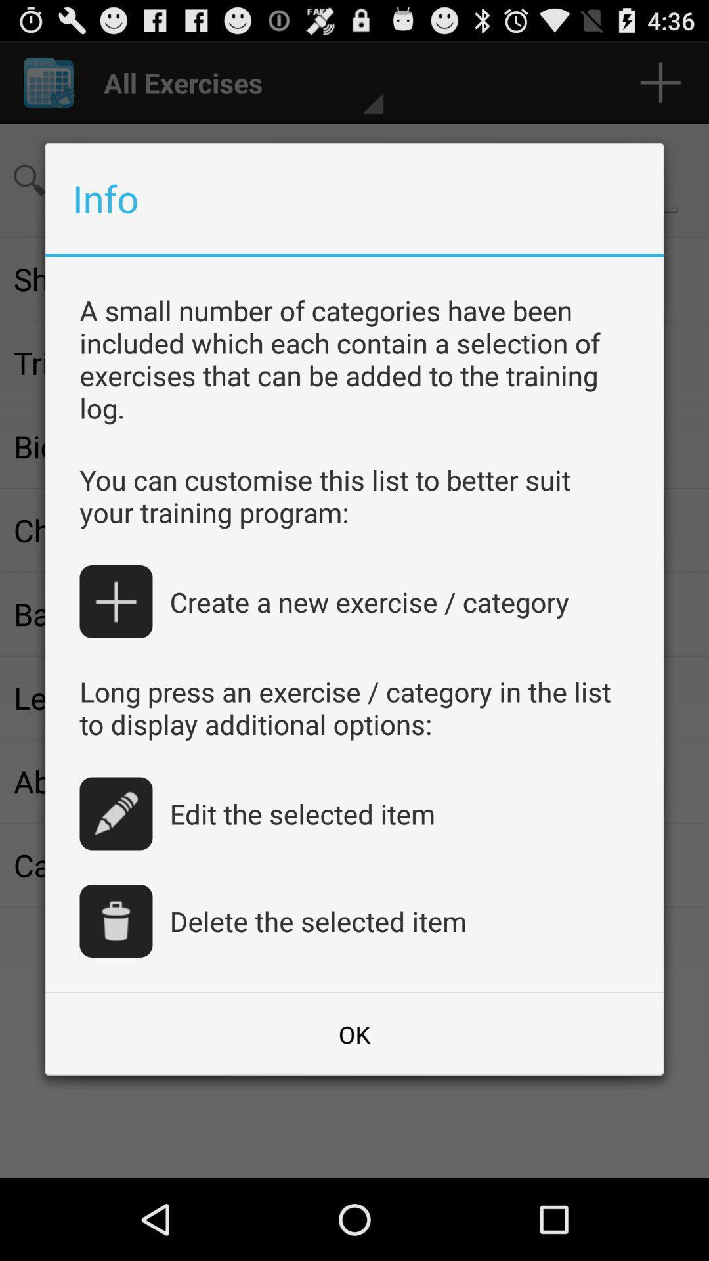 The height and width of the screenshot is (1261, 709). What do you see at coordinates (354, 1033) in the screenshot?
I see `the ok icon` at bounding box center [354, 1033].